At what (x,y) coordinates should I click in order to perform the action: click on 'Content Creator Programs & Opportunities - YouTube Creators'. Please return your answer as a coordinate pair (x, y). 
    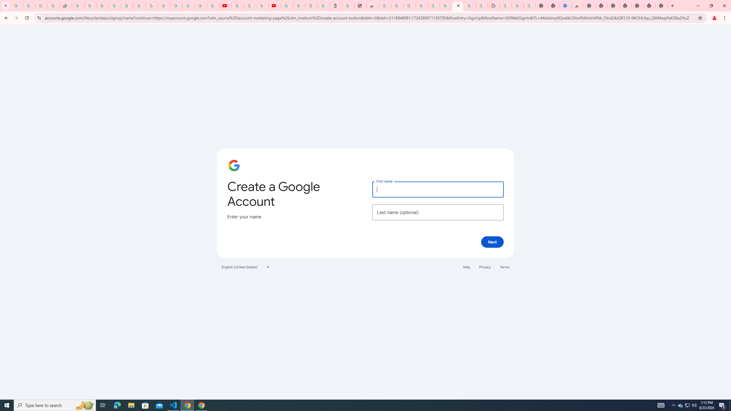
    Looking at the image, I should click on (275, 5).